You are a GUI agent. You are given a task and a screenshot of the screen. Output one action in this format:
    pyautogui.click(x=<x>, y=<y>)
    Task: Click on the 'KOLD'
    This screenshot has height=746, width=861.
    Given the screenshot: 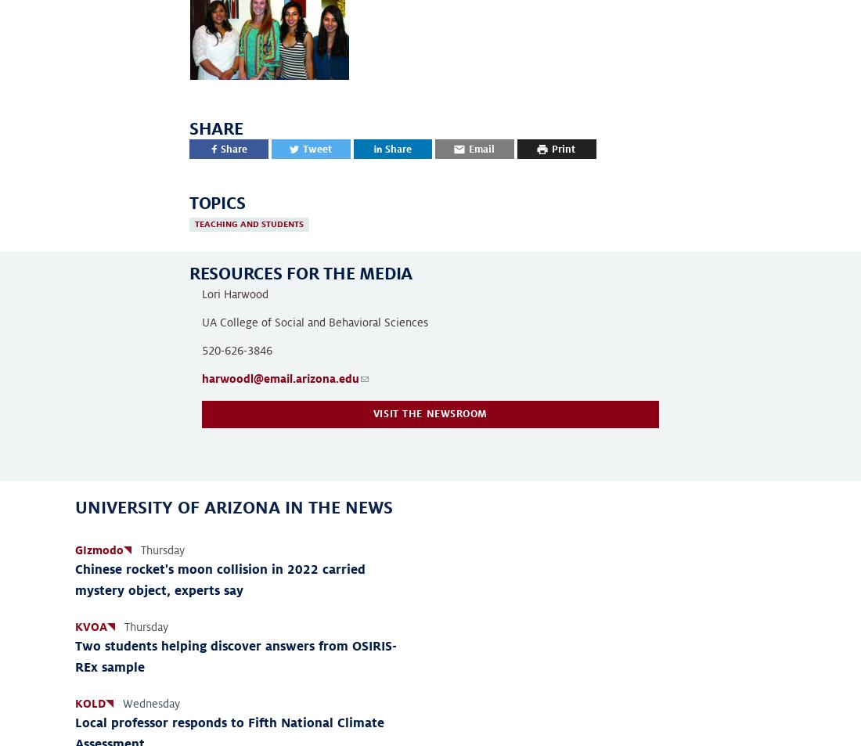 What is the action you would take?
    pyautogui.click(x=90, y=703)
    